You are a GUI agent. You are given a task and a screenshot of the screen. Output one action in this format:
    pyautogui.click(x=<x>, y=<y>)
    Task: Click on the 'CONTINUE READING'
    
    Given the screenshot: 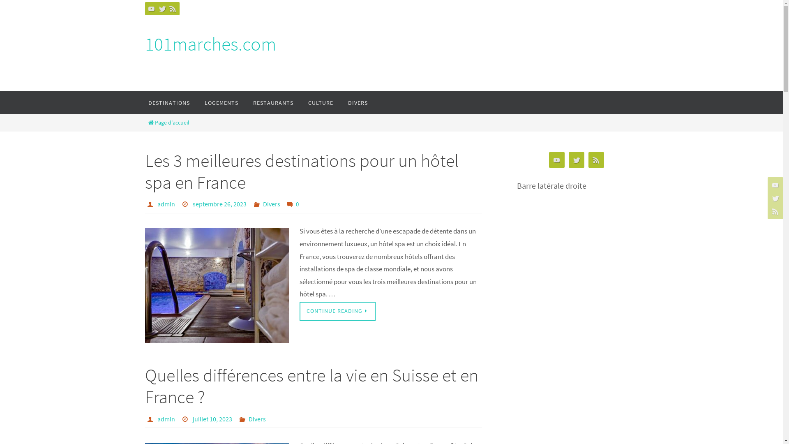 What is the action you would take?
    pyautogui.click(x=337, y=311)
    